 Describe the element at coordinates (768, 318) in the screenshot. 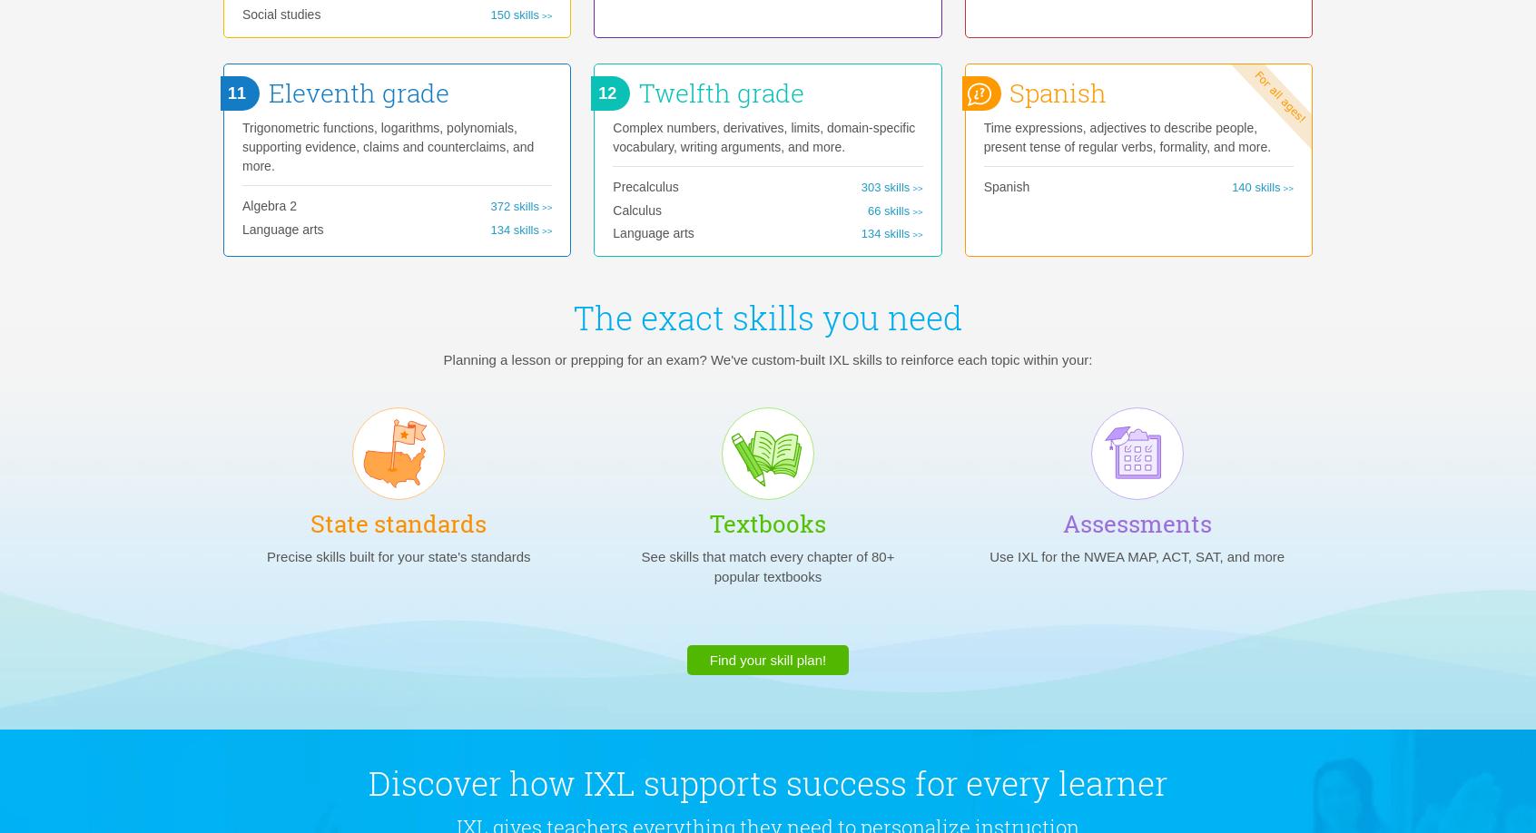

I see `'The exact skills you need'` at that location.